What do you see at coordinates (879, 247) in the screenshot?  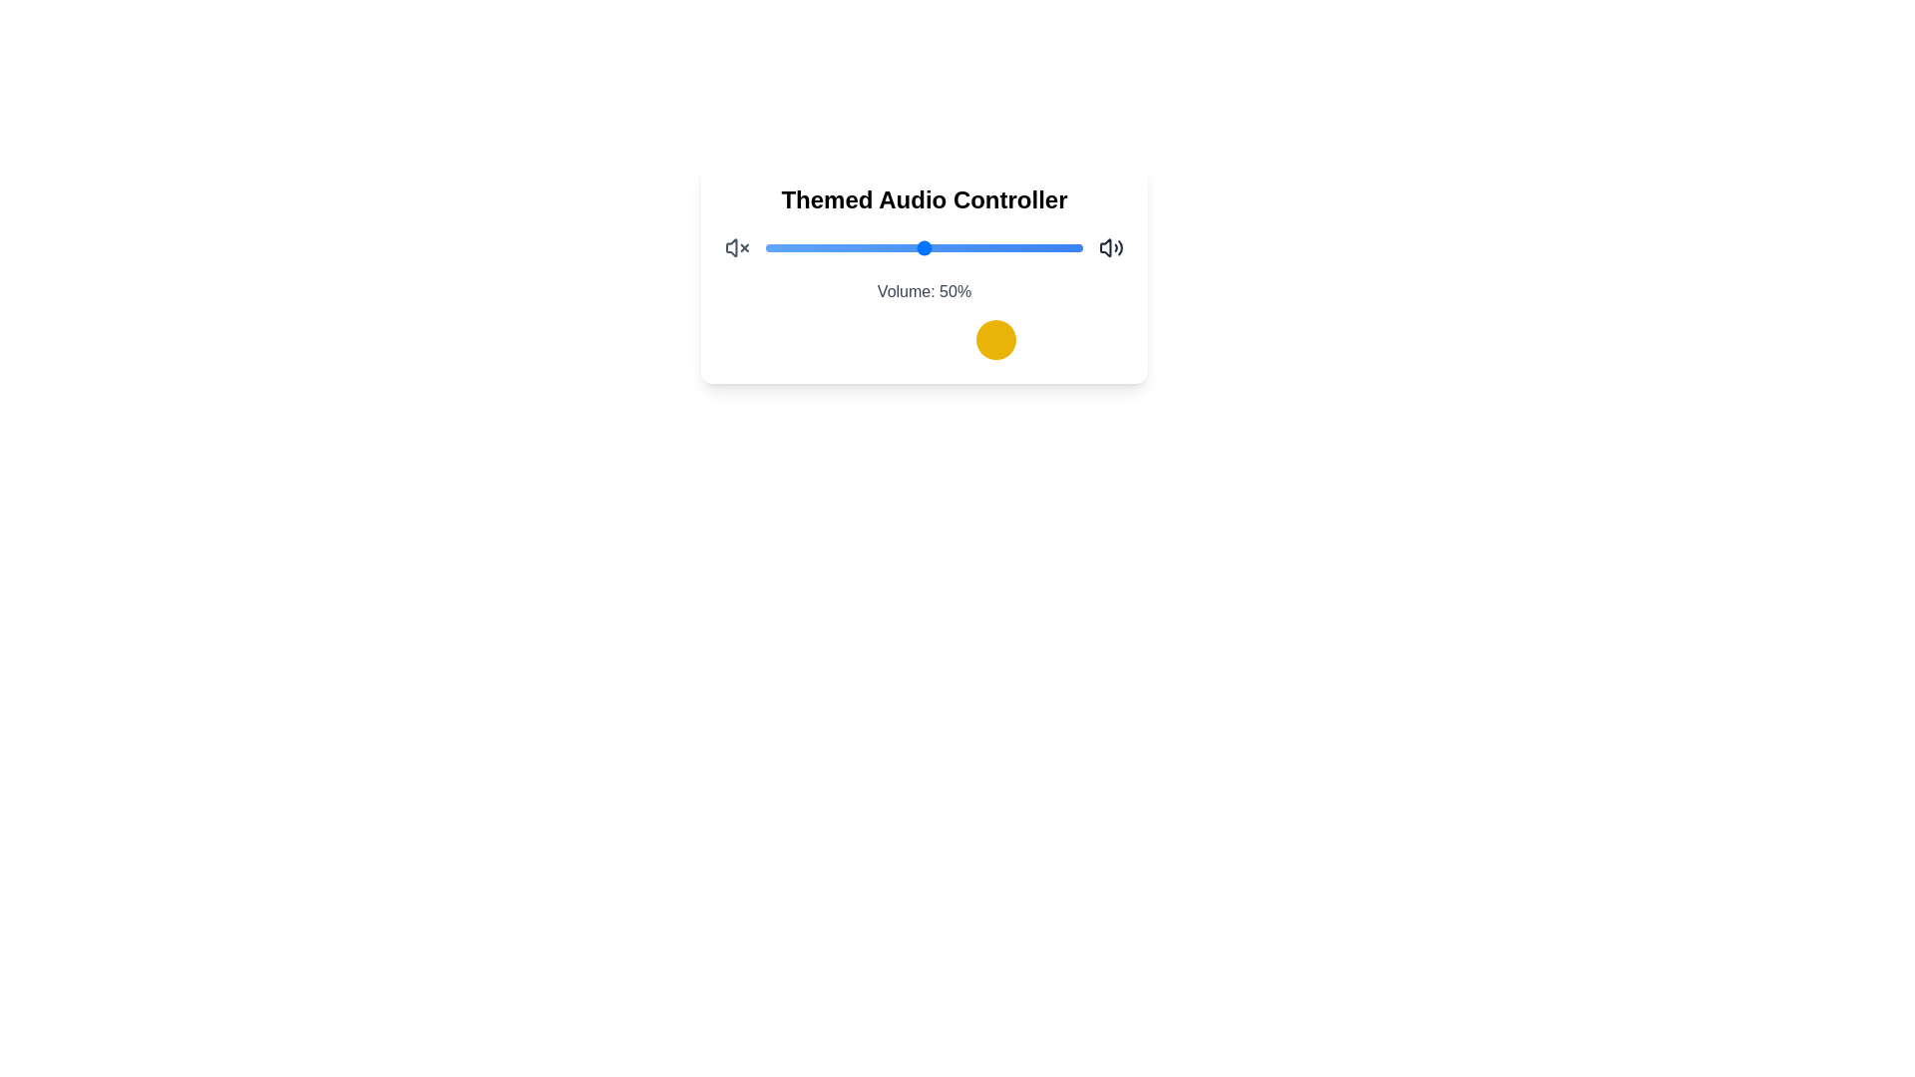 I see `the volume slider to set the volume to 36%` at bounding box center [879, 247].